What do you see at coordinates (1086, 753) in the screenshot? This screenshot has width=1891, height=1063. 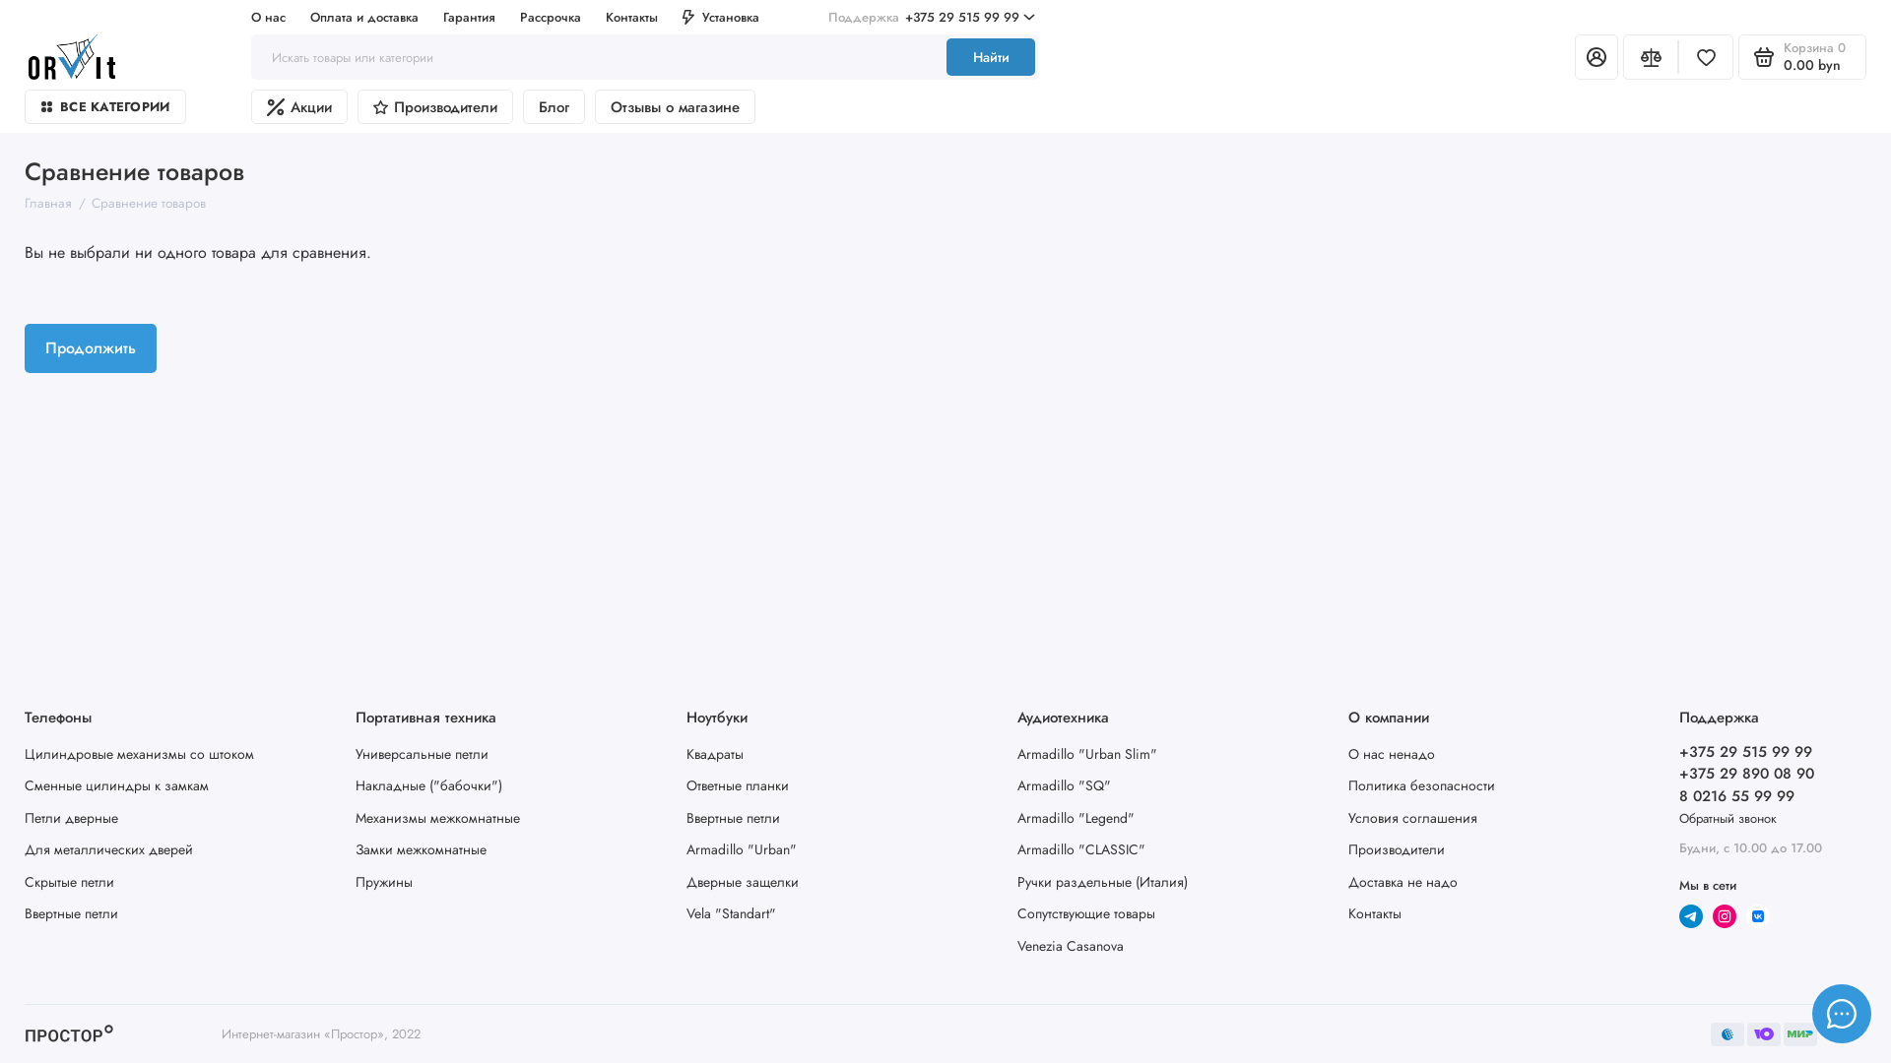 I see `'Armadillo "Urban Slim"'` at bounding box center [1086, 753].